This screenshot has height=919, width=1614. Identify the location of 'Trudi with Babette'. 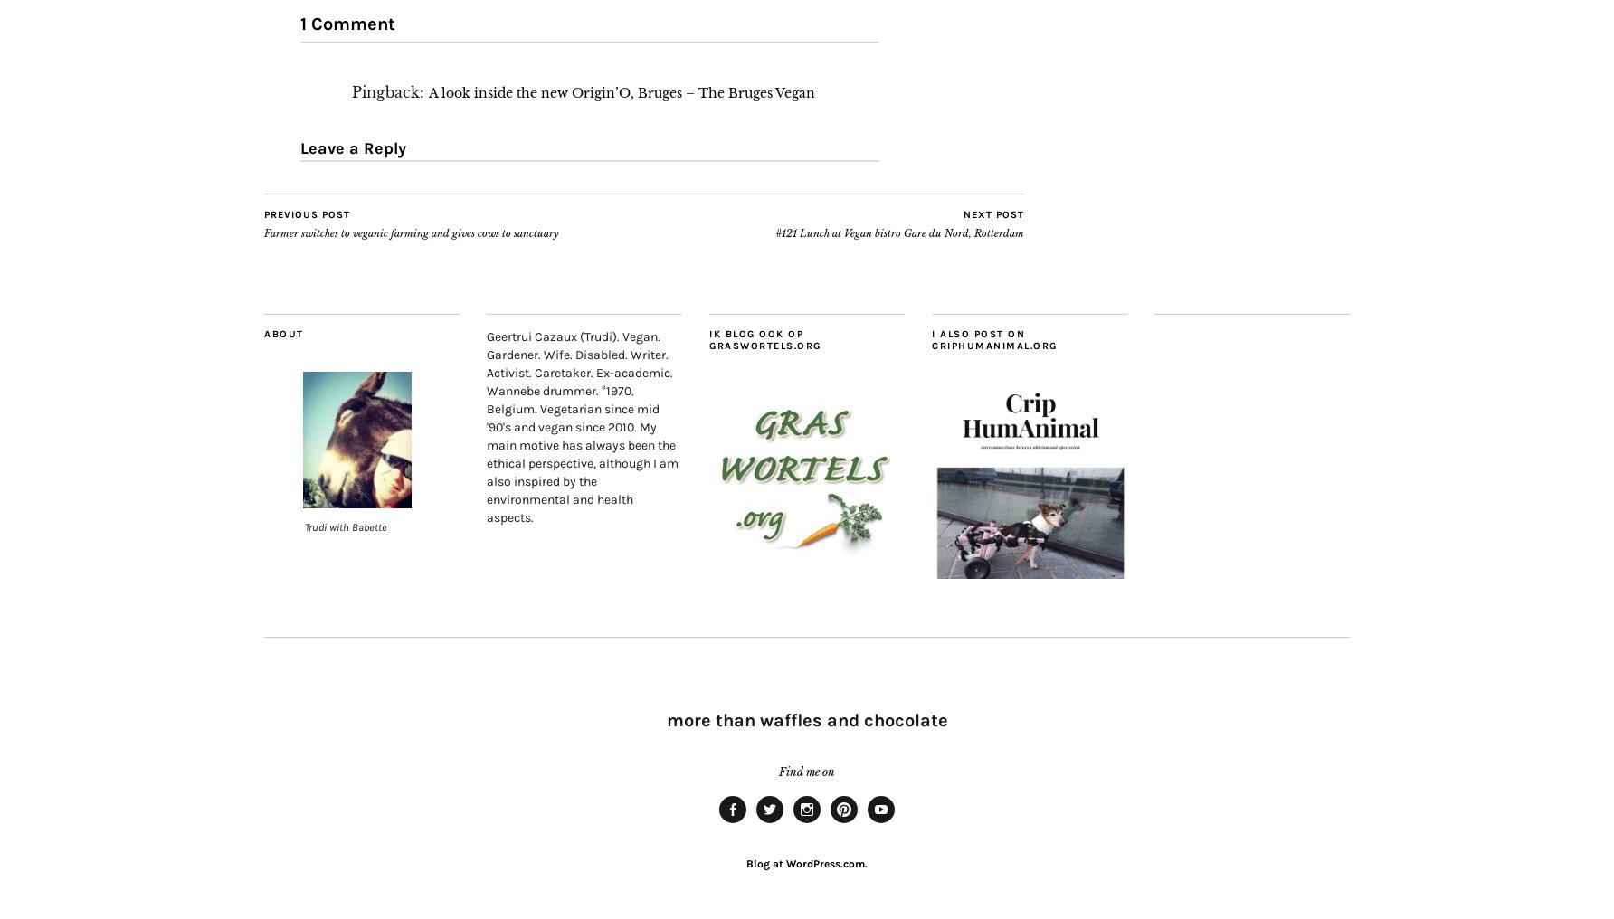
(345, 526).